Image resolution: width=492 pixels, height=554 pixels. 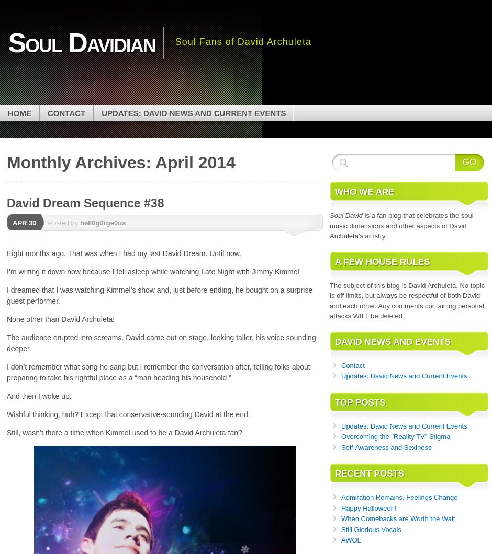 I want to click on 'is a fan blog that celebrates the soul music dimensions and other aspects of David Archuleta's artistry.', so click(x=329, y=225).